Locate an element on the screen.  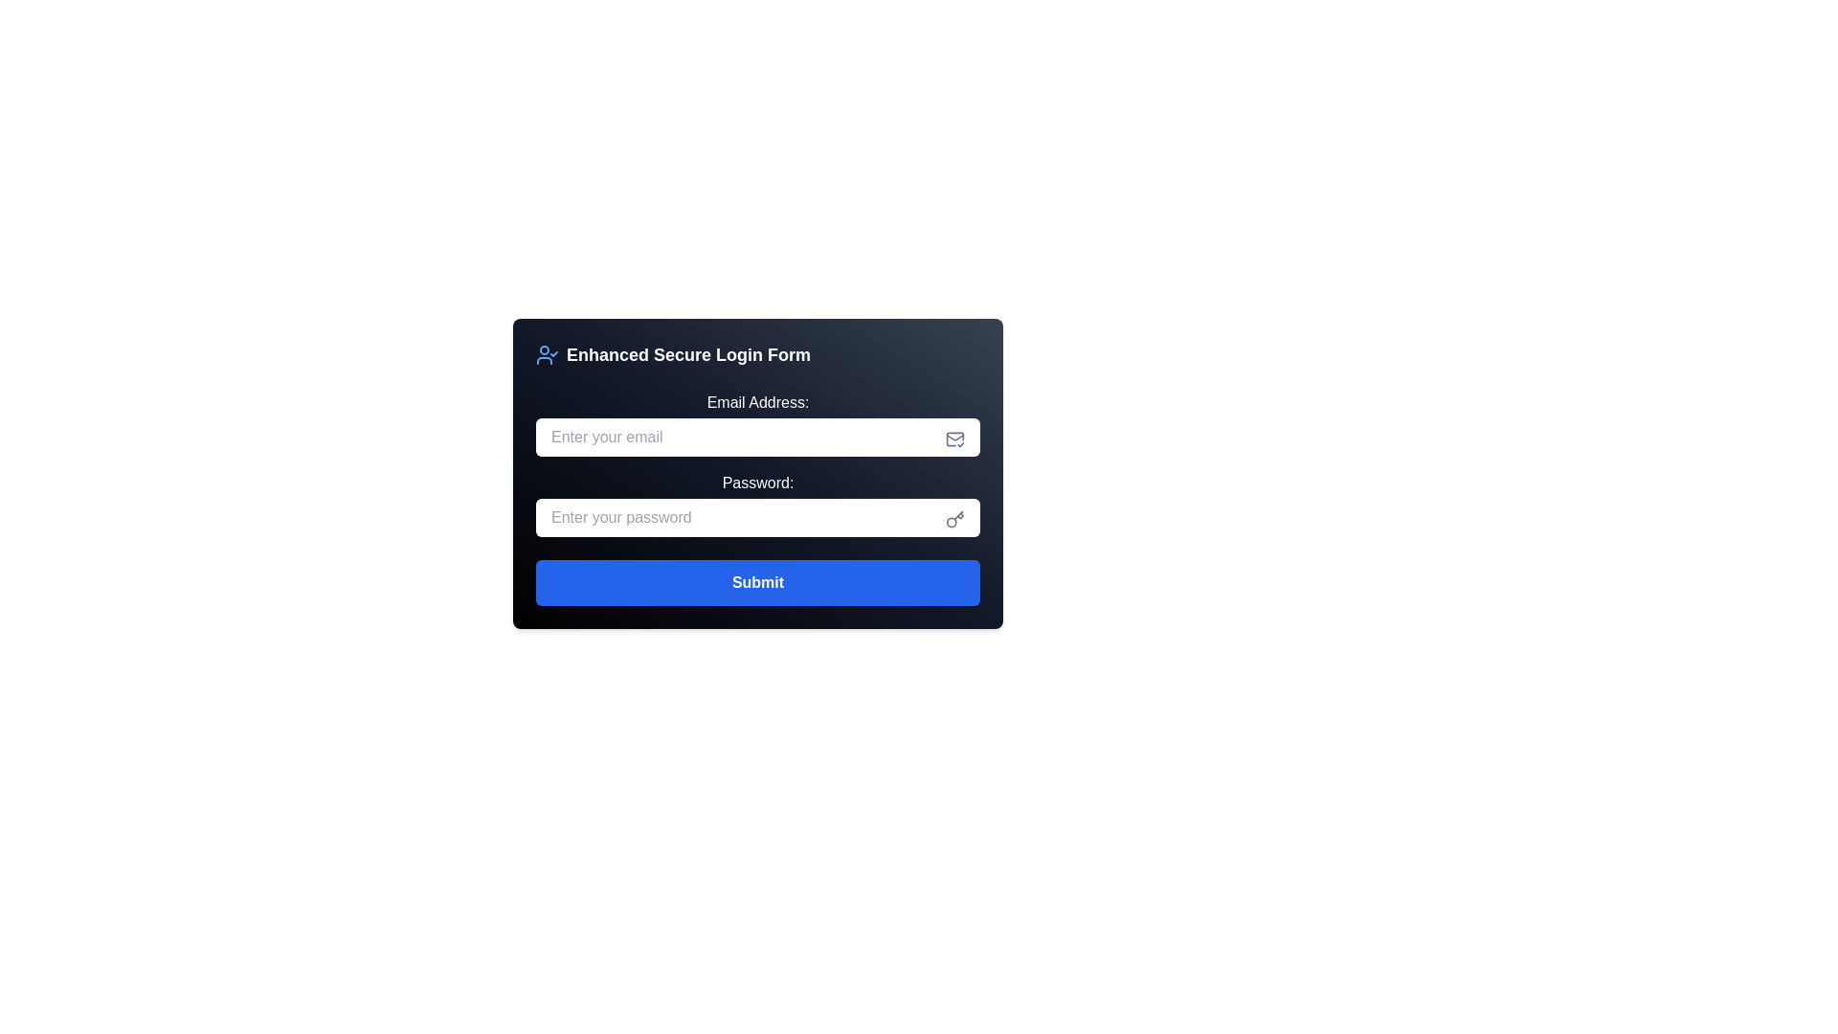
the user verification SVG icon located to the left of the 'Enhanced Secure Login Form' text is located at coordinates (546, 354).